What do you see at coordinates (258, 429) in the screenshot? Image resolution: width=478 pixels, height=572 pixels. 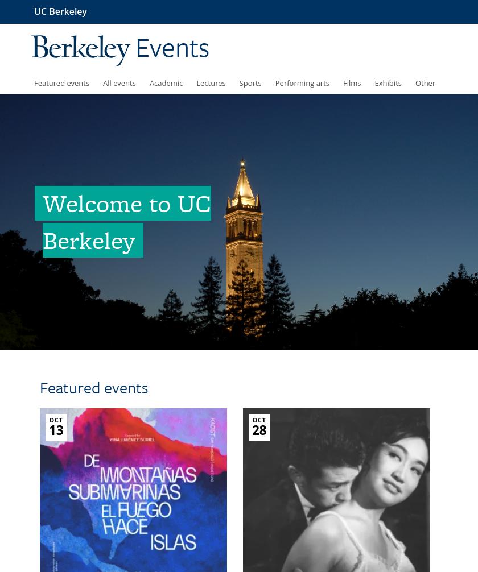 I see `'28'` at bounding box center [258, 429].